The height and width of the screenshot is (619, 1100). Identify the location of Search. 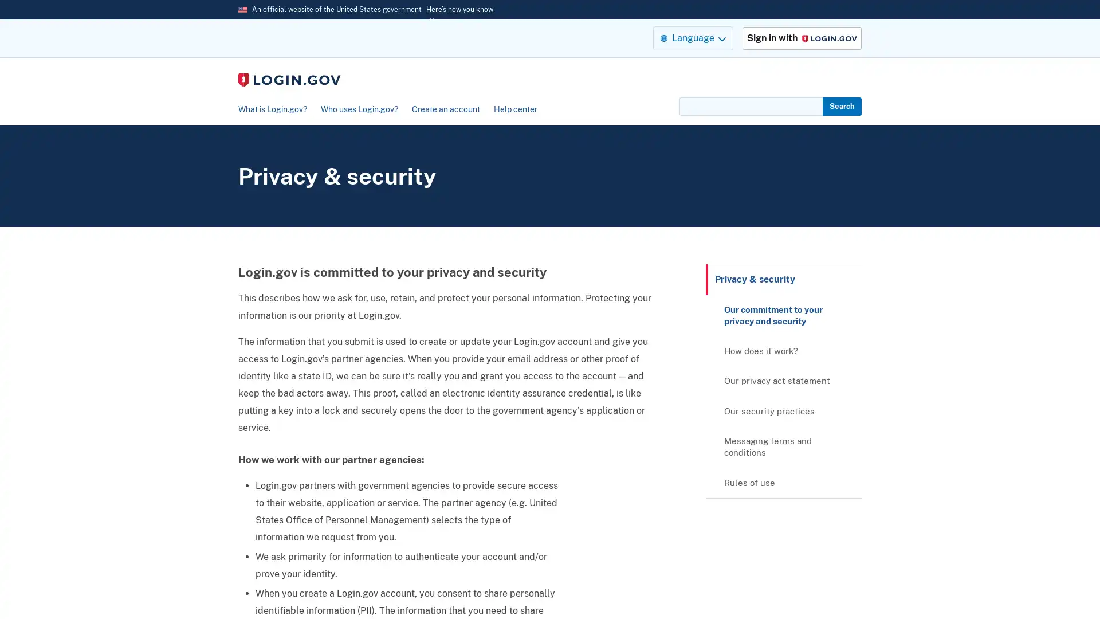
(842, 106).